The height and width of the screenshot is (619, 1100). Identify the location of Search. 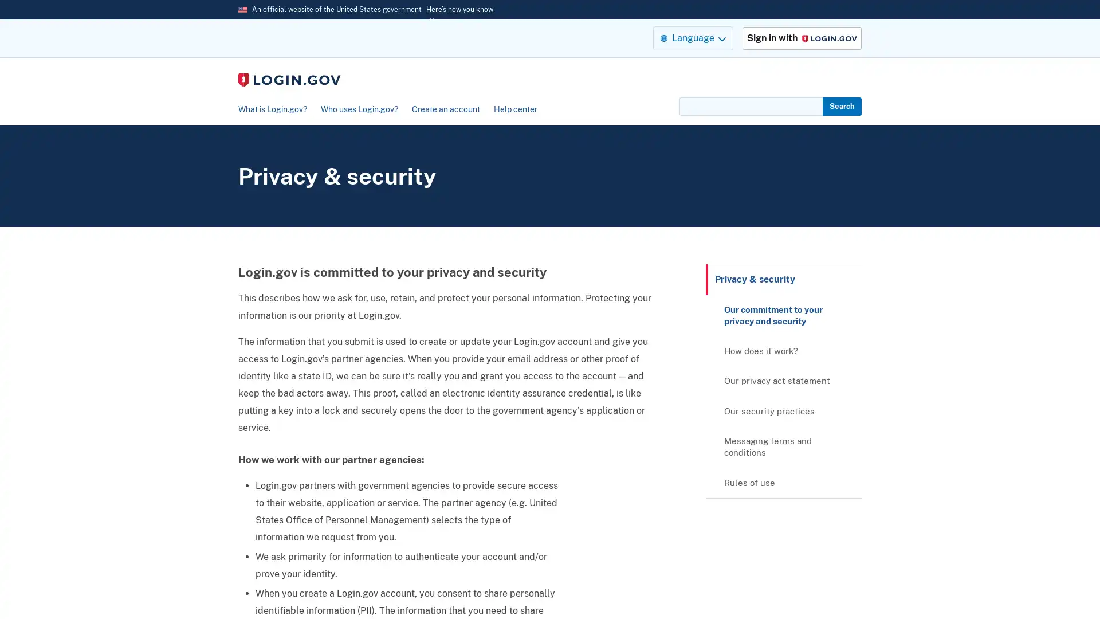
(842, 106).